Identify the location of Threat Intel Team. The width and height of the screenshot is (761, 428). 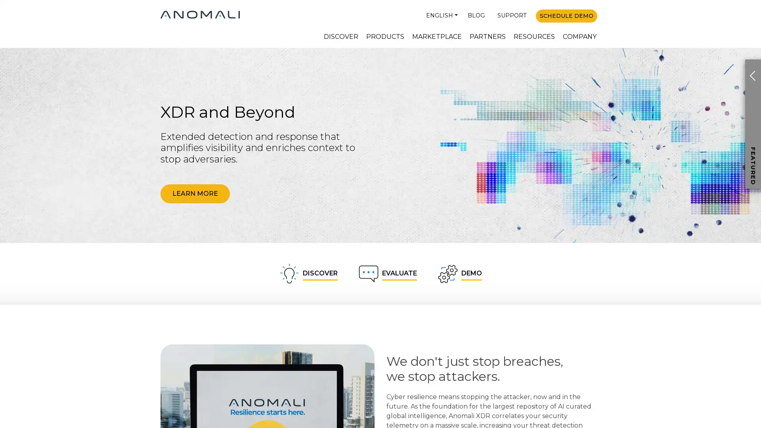
(702, 220).